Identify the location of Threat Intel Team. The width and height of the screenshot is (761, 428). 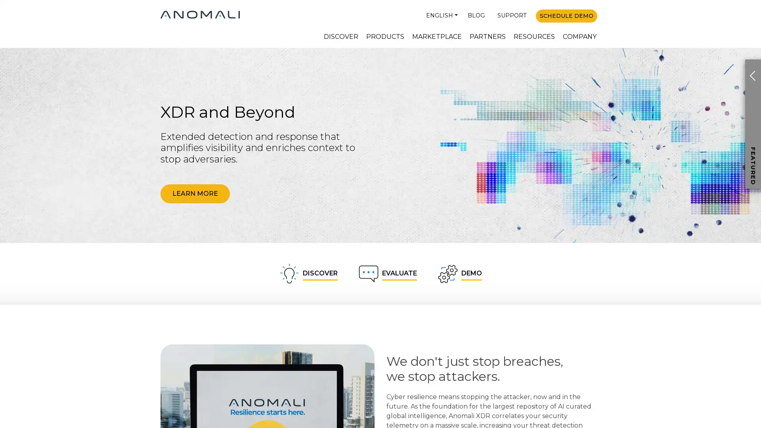
(702, 220).